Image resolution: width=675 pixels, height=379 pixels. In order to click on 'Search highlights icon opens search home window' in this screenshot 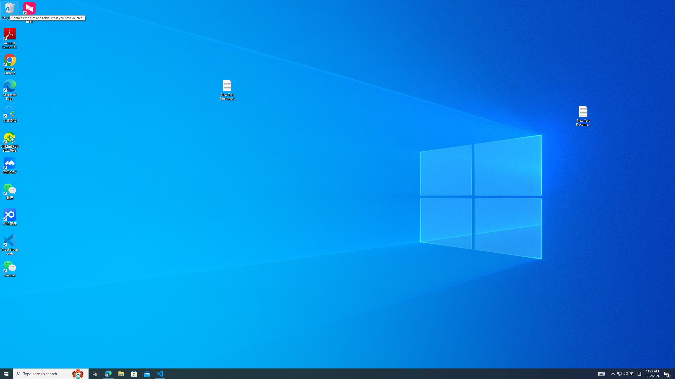, I will do `click(78, 373)`.